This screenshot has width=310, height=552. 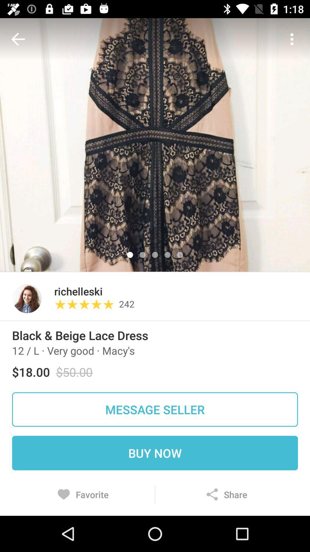 I want to click on the item below the buy now, so click(x=83, y=494).